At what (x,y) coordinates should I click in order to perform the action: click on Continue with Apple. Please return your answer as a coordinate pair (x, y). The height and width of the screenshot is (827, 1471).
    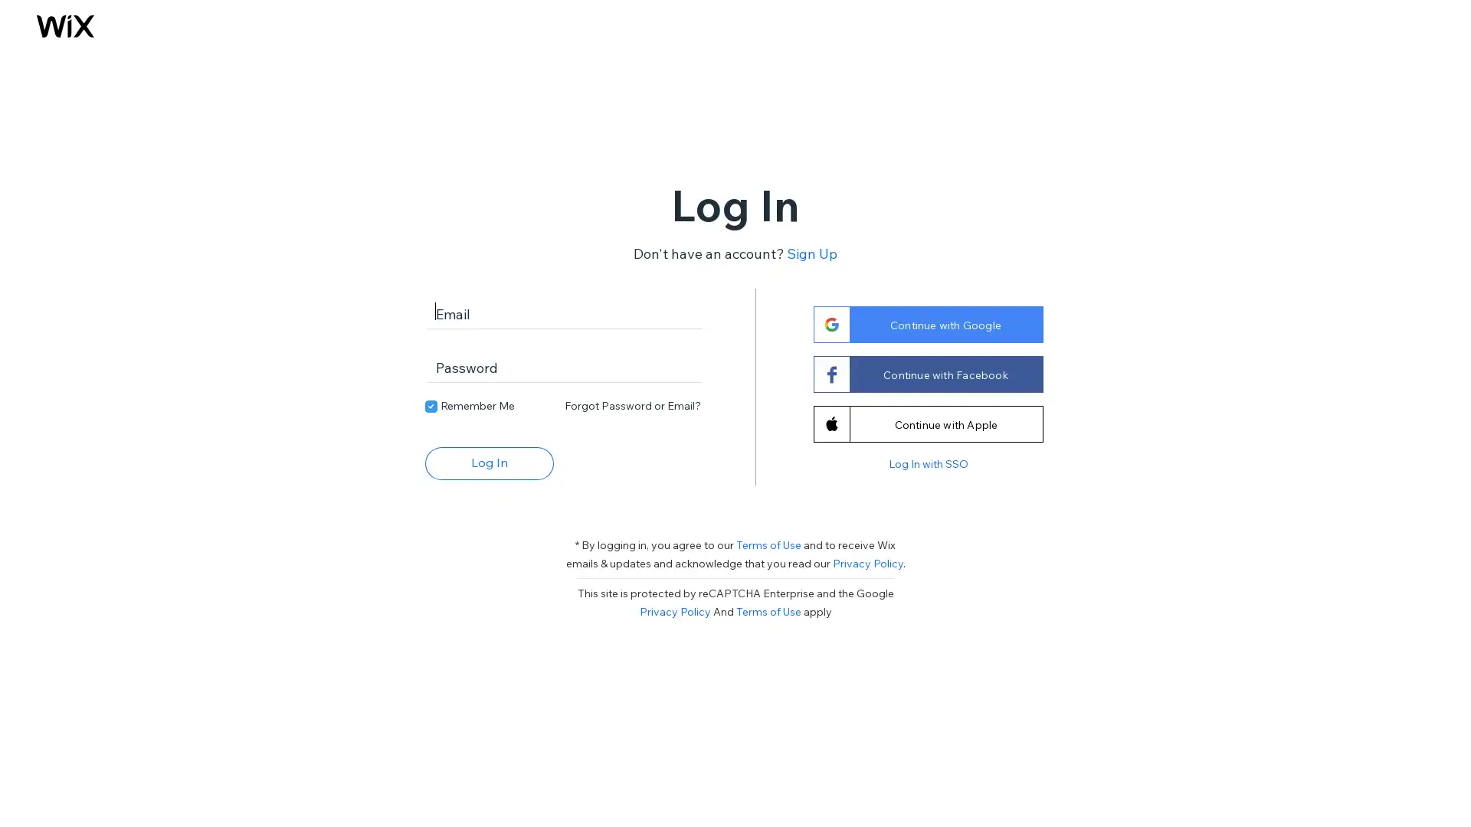
    Looking at the image, I should click on (926, 423).